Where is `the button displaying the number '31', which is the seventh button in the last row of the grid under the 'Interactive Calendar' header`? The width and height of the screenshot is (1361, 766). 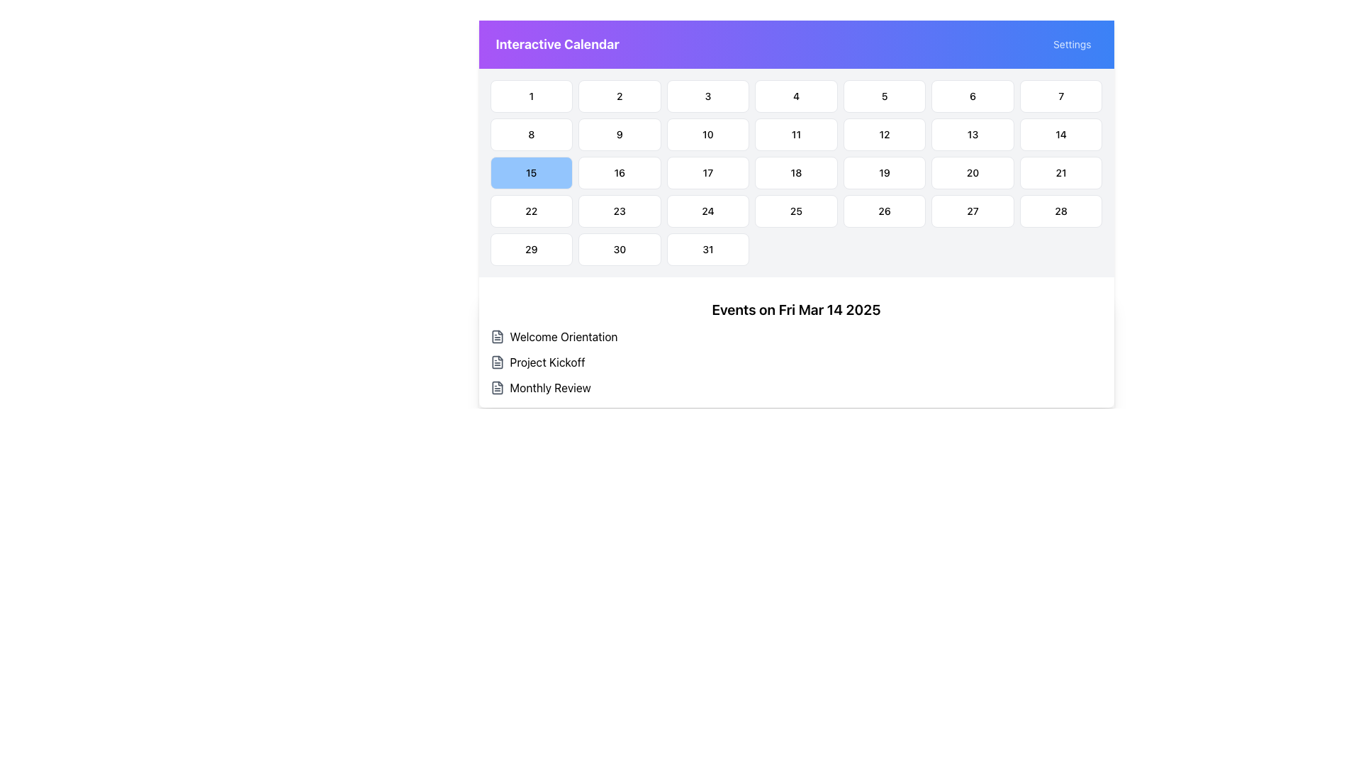 the button displaying the number '31', which is the seventh button in the last row of the grid under the 'Interactive Calendar' header is located at coordinates (707, 248).